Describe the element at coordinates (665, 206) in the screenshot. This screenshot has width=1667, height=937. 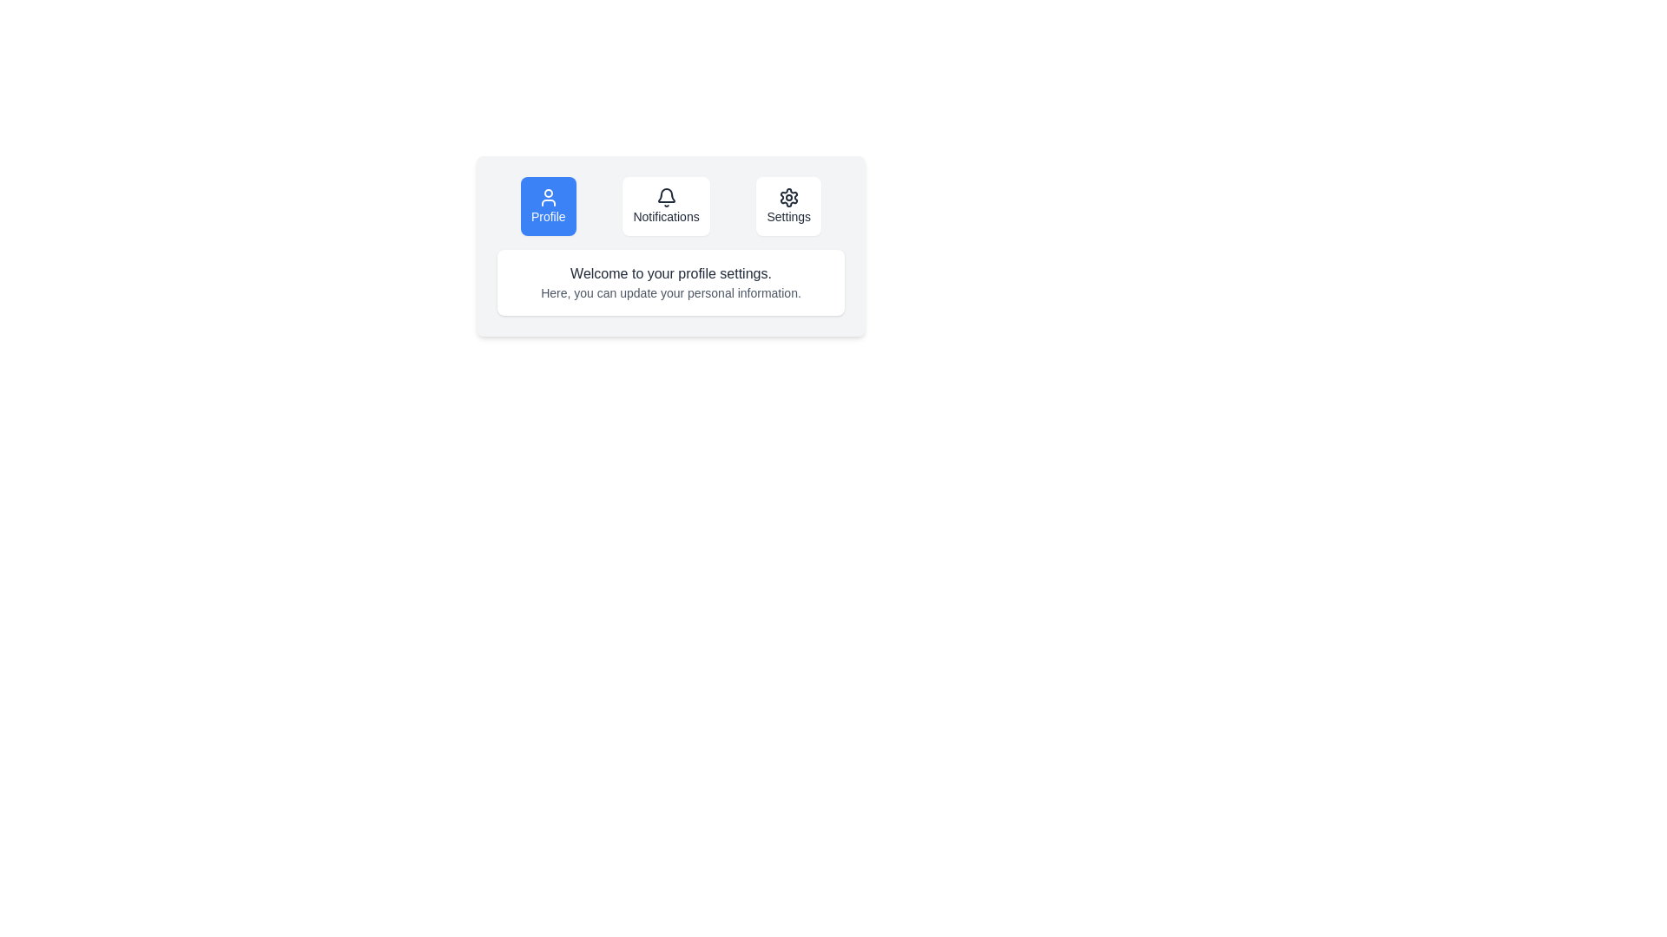
I see `the Notifications tab` at that location.